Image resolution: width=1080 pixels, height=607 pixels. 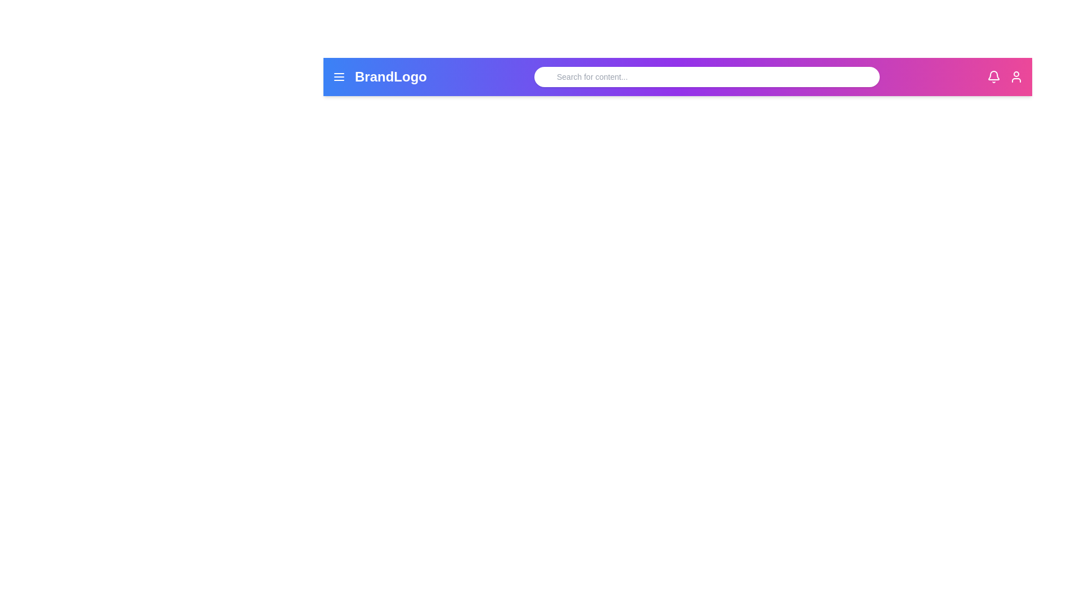 I want to click on the menu icon to toggle the menu, so click(x=339, y=76).